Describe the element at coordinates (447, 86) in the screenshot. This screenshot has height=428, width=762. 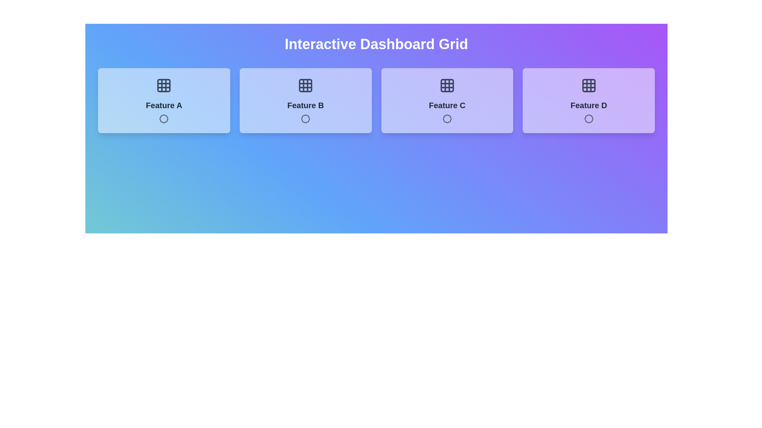
I see `the card labeled 'Feature C' that contains the center rectangle in the 3x3 grid icon` at that location.